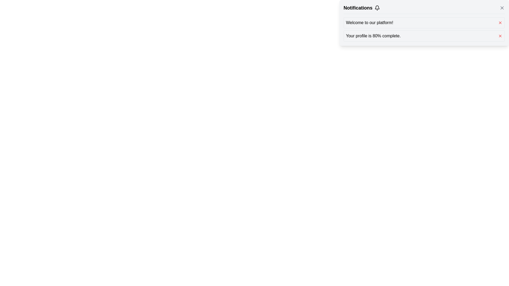 Image resolution: width=509 pixels, height=286 pixels. I want to click on the notification icon located immediately to the right of the 'Notifications' text in the header section of the notification pane, so click(377, 8).